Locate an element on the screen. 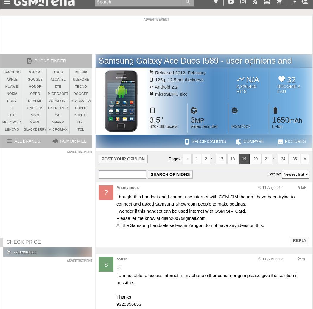 The height and width of the screenshot is (309, 313). 'Oppo' is located at coordinates (30, 94).